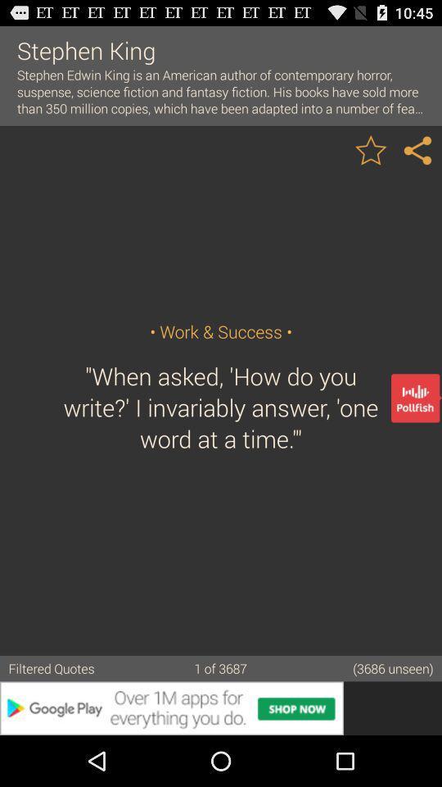 This screenshot has width=442, height=787. I want to click on advertisement, so click(221, 707).